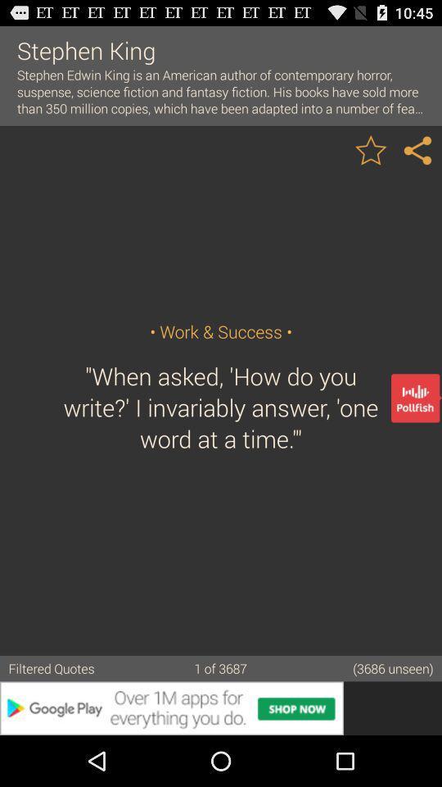 This screenshot has width=442, height=787. I want to click on advertisement, so click(221, 707).